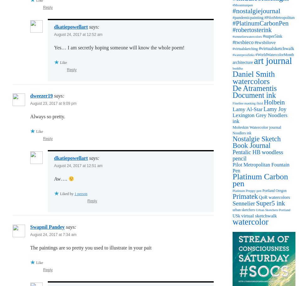 This screenshot has height=286, width=308. Describe the element at coordinates (247, 36) in the screenshot. I see `'#sennelierwatercolors'` at that location.